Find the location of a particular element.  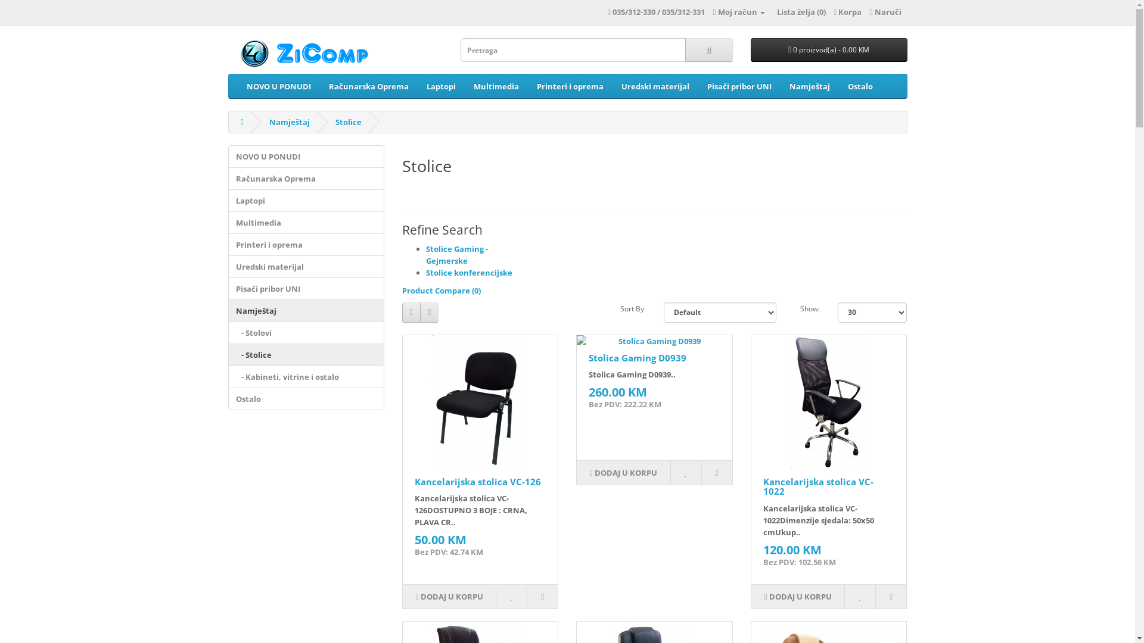

'Kancelarijska stolica VC-1022' is located at coordinates (763, 486).